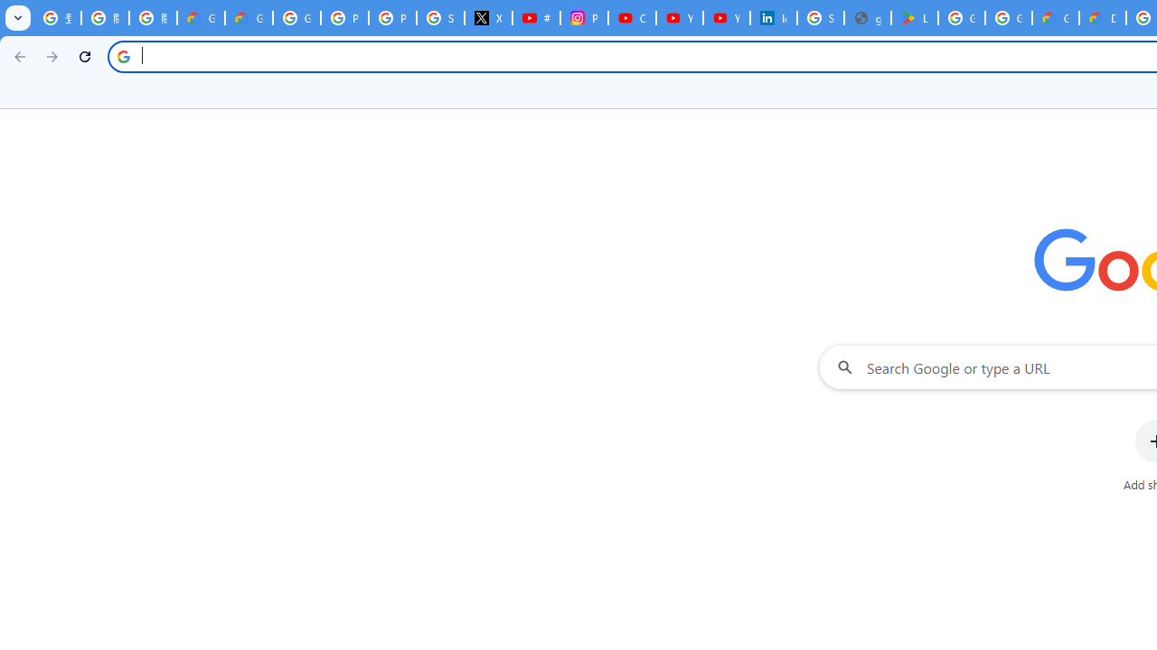 The height and width of the screenshot is (650, 1157). What do you see at coordinates (391, 18) in the screenshot?
I see `'Privacy Help Center - Policies Help'` at bounding box center [391, 18].